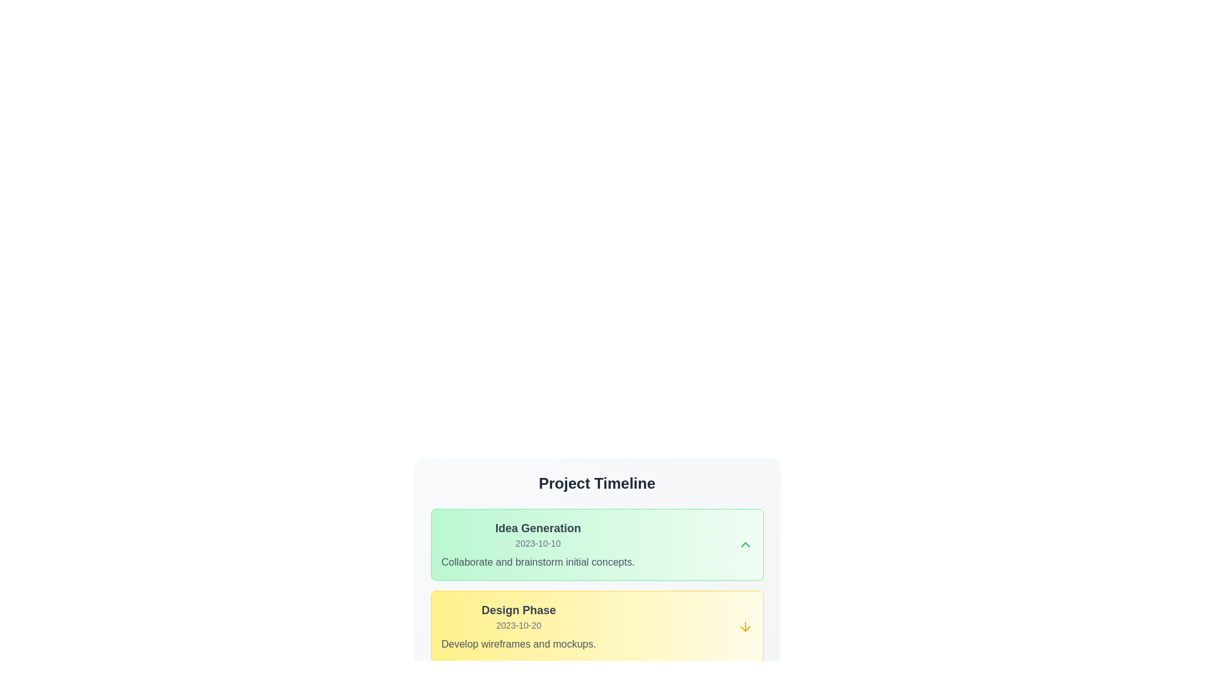 The image size is (1210, 681). What do you see at coordinates (519, 627) in the screenshot?
I see `the informational group containing the header 'Design Phase', the date '2023-10-20', and the description 'Develop wireframes and mockups.' for accessibility purposes` at bounding box center [519, 627].